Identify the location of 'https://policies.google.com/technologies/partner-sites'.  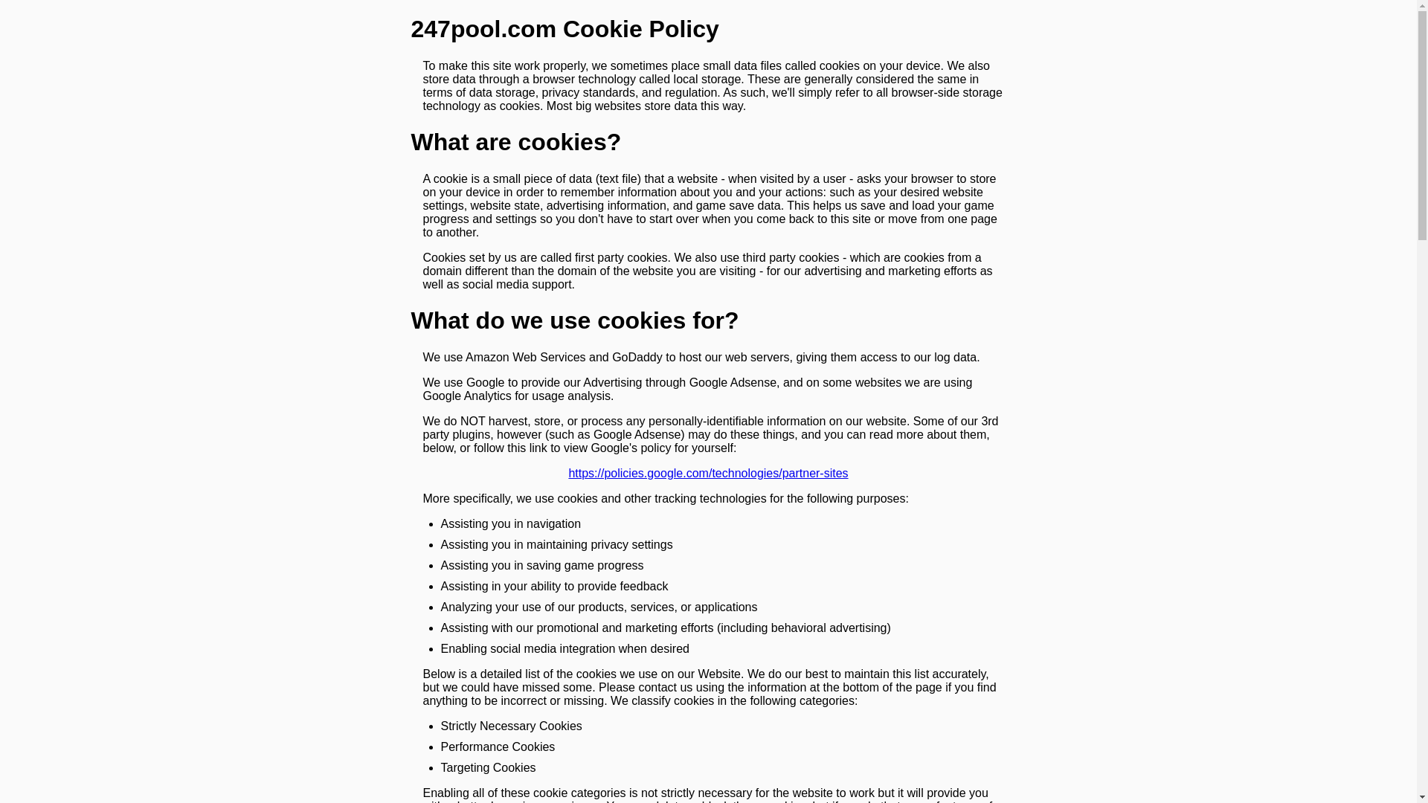
(707, 473).